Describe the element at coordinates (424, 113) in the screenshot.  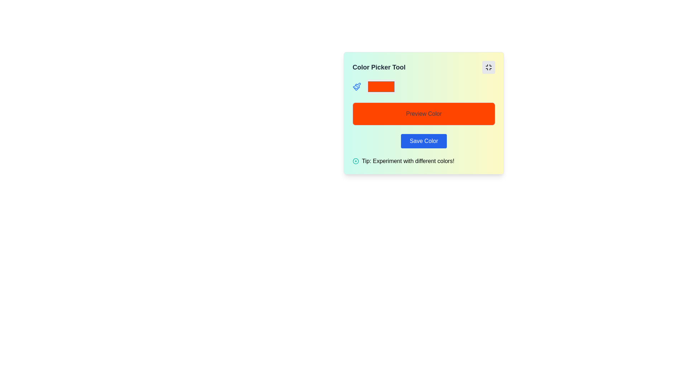
I see `the 'Preview Color' text label, which is styled with gray text on an orange rectangular background, located in the 'Color Picker Tool' box` at that location.